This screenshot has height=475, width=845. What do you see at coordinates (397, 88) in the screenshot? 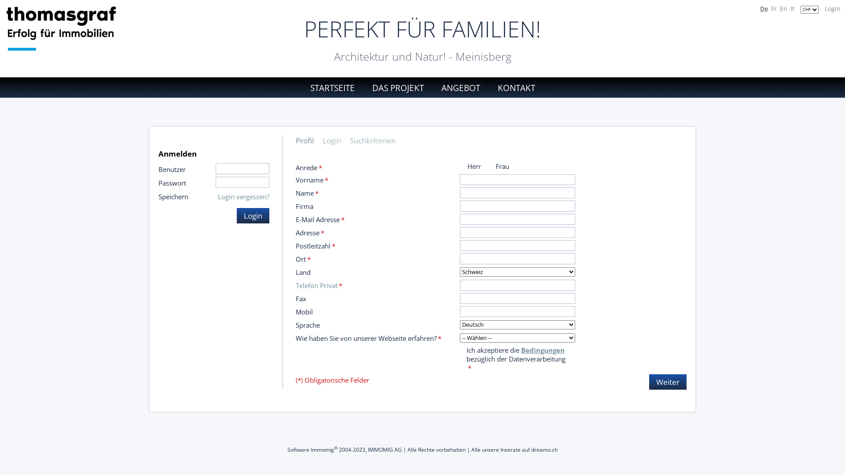
I see `'DAS PROJEKT'` at bounding box center [397, 88].